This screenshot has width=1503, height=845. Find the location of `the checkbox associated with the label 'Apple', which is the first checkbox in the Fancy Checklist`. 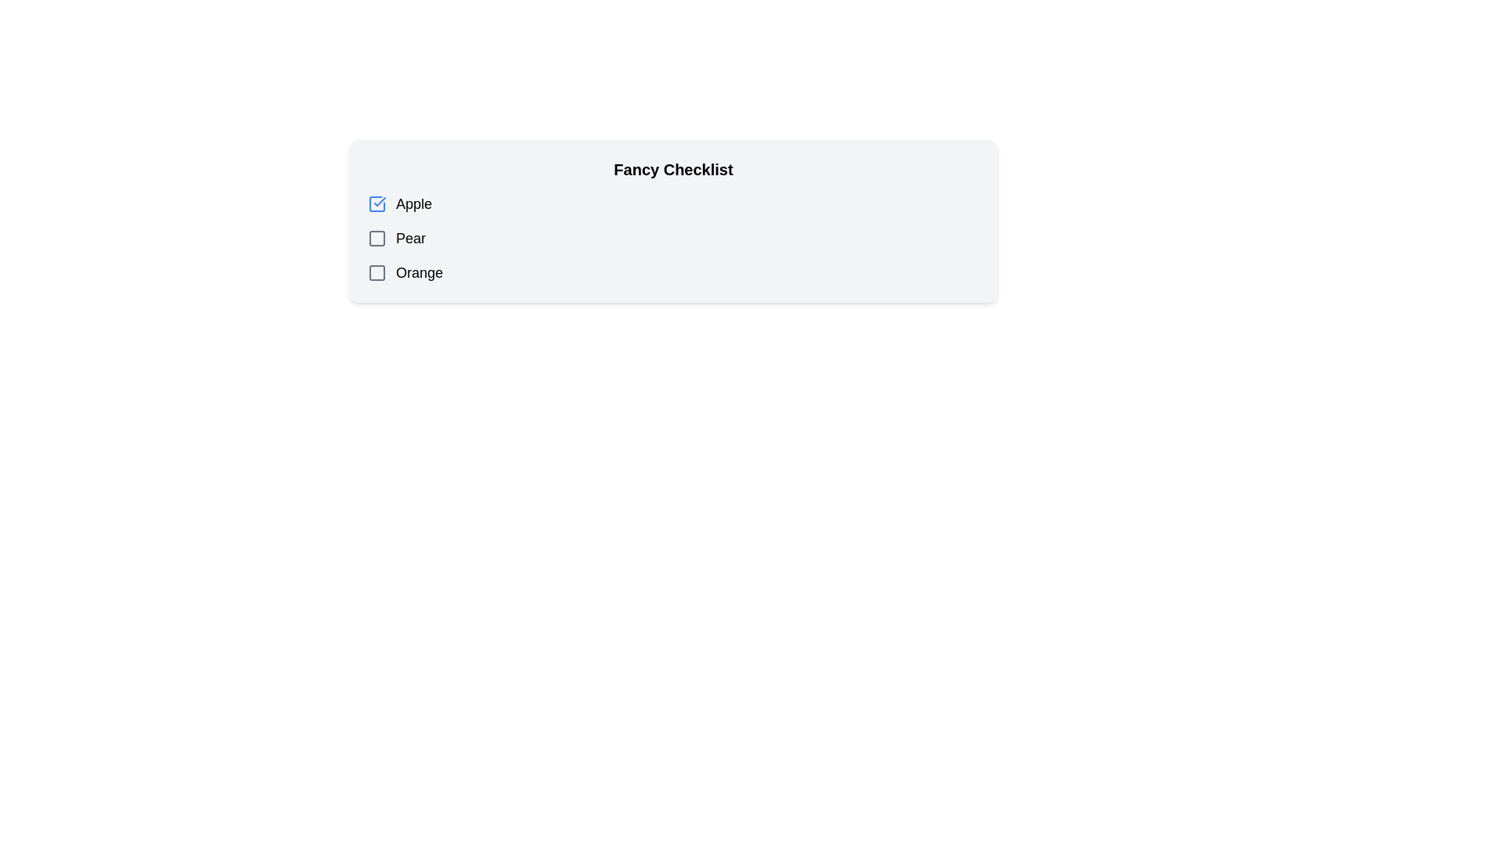

the checkbox associated with the label 'Apple', which is the first checkbox in the Fancy Checklist is located at coordinates (413, 203).